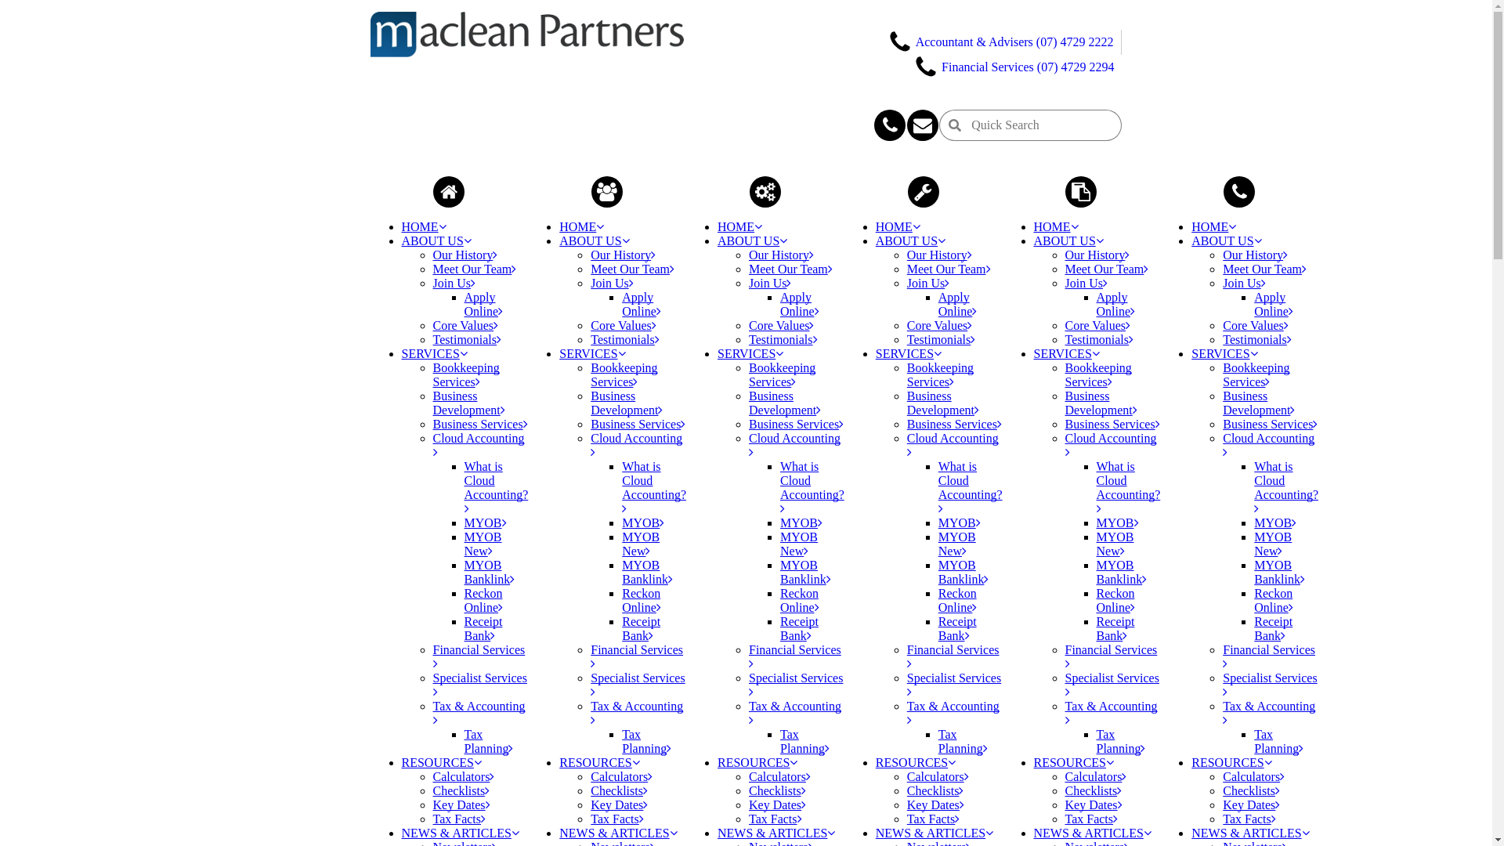 This screenshot has height=846, width=1504. Describe the element at coordinates (956, 627) in the screenshot. I see `'Receipt Bank'` at that location.